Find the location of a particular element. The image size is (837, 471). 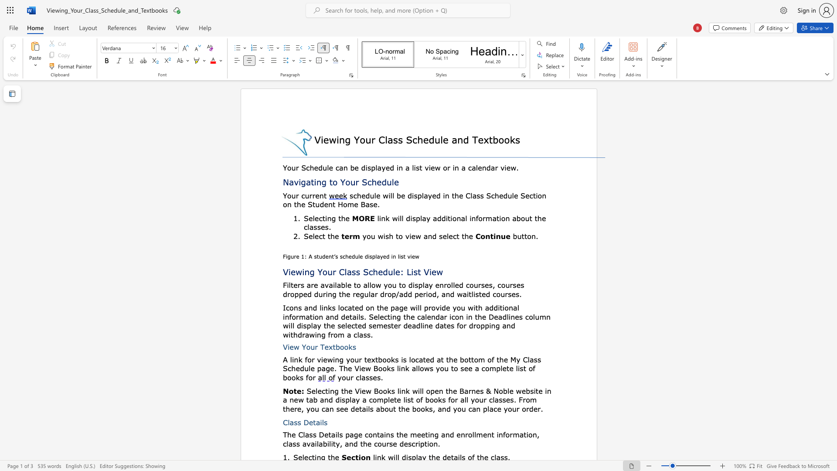

the subset text "e 1: A stude" within the text "Figure 1: A student’s schedule displayed in list view" is located at coordinates (296, 256).